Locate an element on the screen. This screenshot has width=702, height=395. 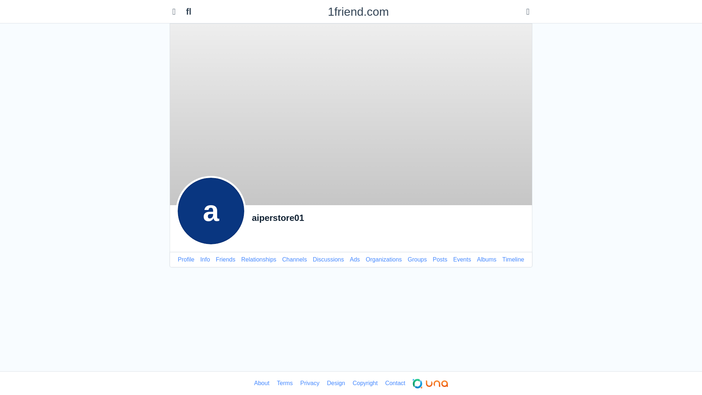
'Organizations' is located at coordinates (365, 259).